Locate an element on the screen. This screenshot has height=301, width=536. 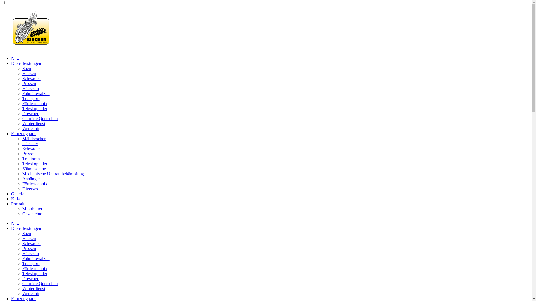
'Teleskoplader' is located at coordinates (34, 273).